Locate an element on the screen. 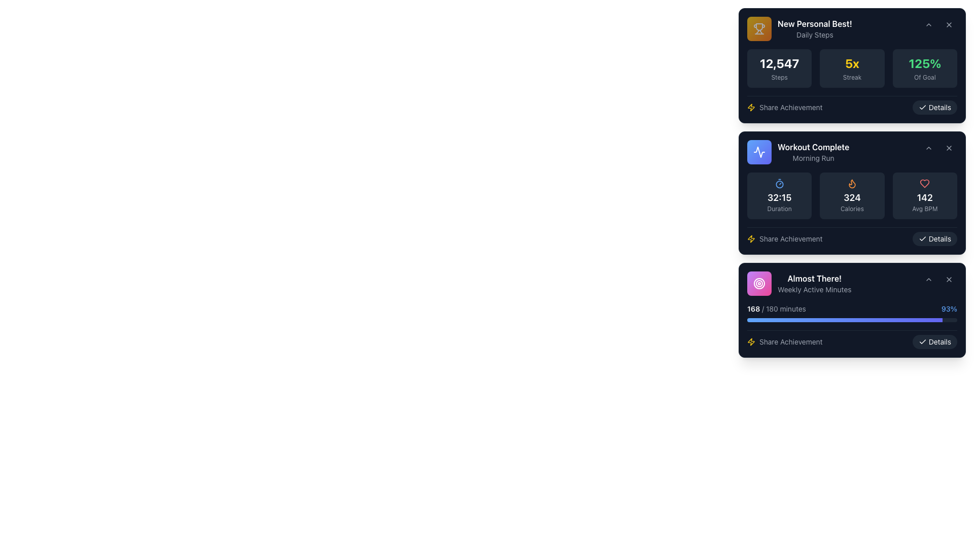  the share achievement icon located immediately to the left of the text 'Share Achievement' in the second card from the top is located at coordinates (751, 108).